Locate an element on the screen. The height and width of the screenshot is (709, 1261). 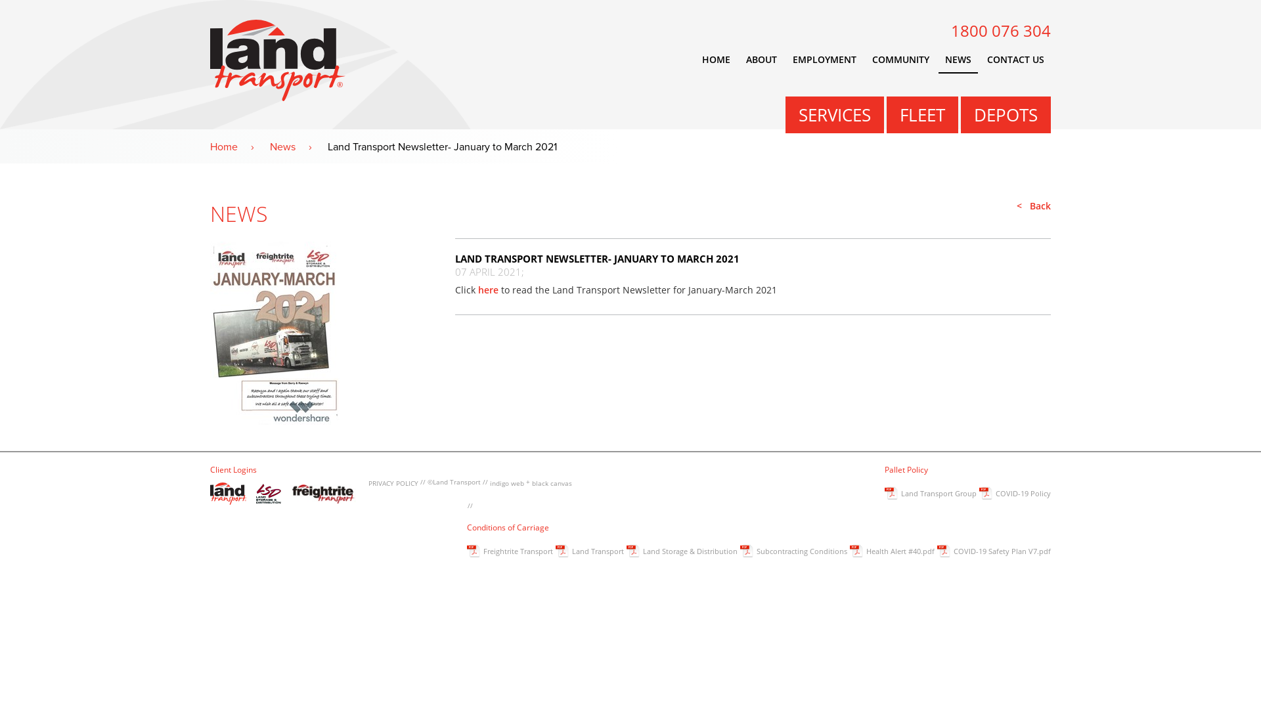
'Land Storage & Distribution' is located at coordinates (626, 552).